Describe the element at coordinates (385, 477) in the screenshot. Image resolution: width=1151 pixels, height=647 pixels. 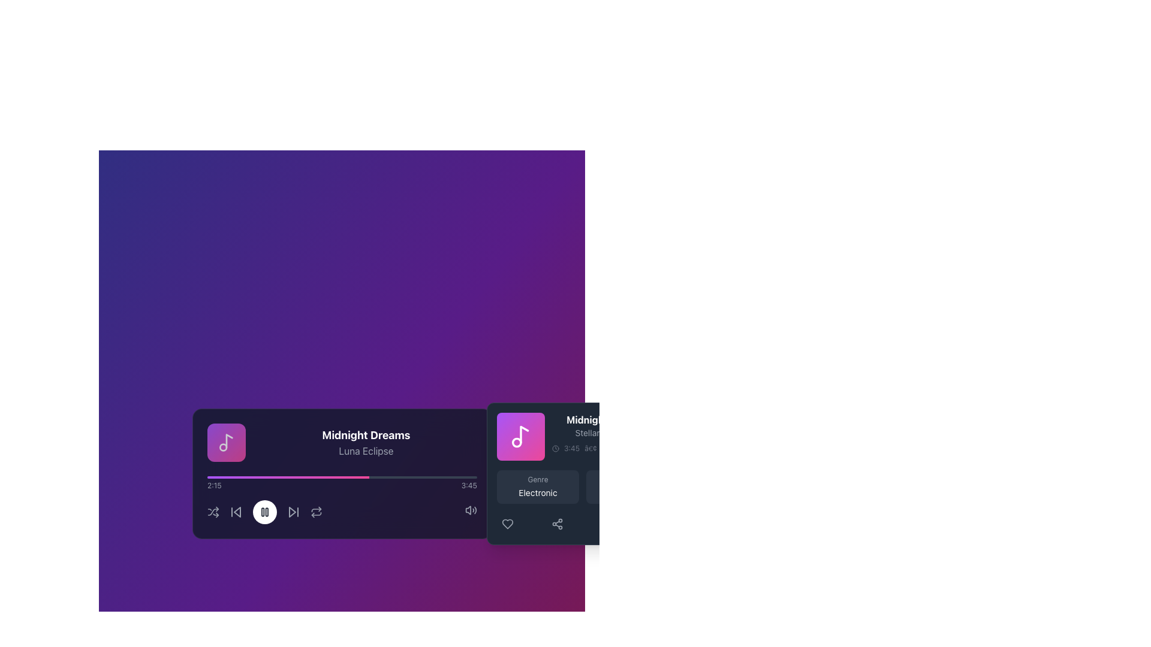
I see `playback progress` at that location.